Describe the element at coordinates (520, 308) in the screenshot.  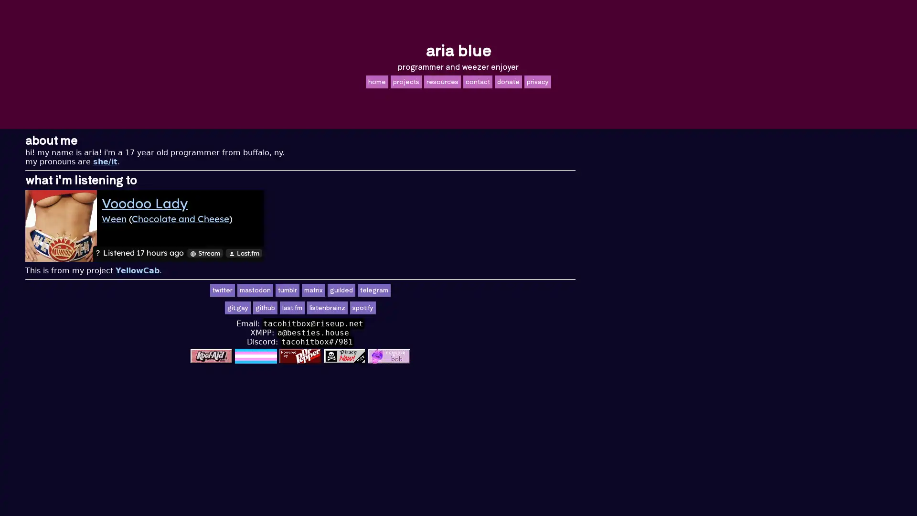
I see `spotify` at that location.